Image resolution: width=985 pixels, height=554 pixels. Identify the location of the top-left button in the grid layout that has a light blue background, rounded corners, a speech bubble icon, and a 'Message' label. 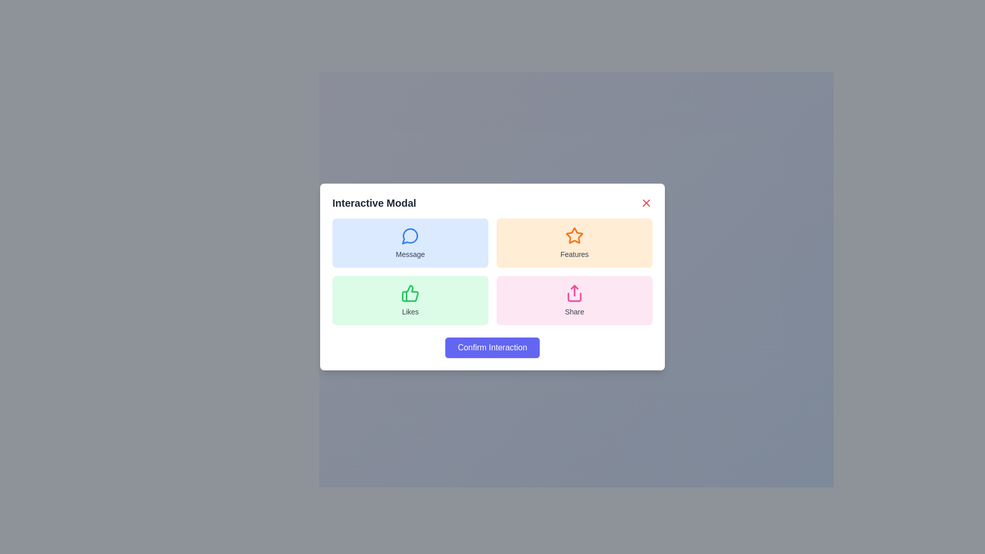
(410, 243).